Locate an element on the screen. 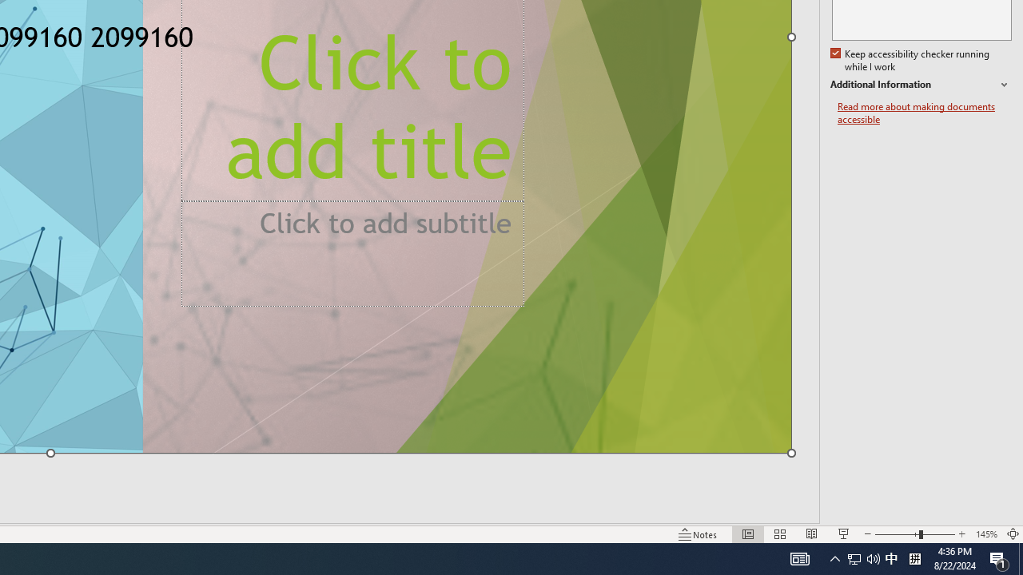 The width and height of the screenshot is (1023, 575). 'Read more about making documents accessible' is located at coordinates (925, 113).